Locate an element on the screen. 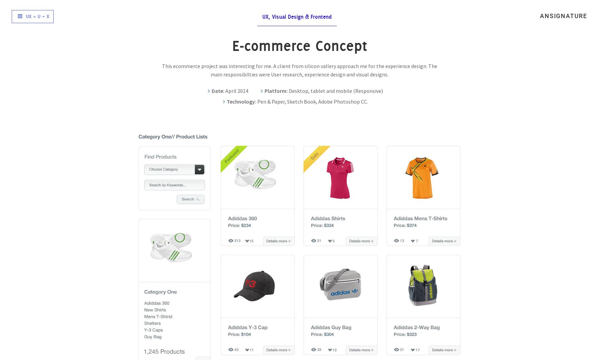  'April 2014' is located at coordinates (236, 91).